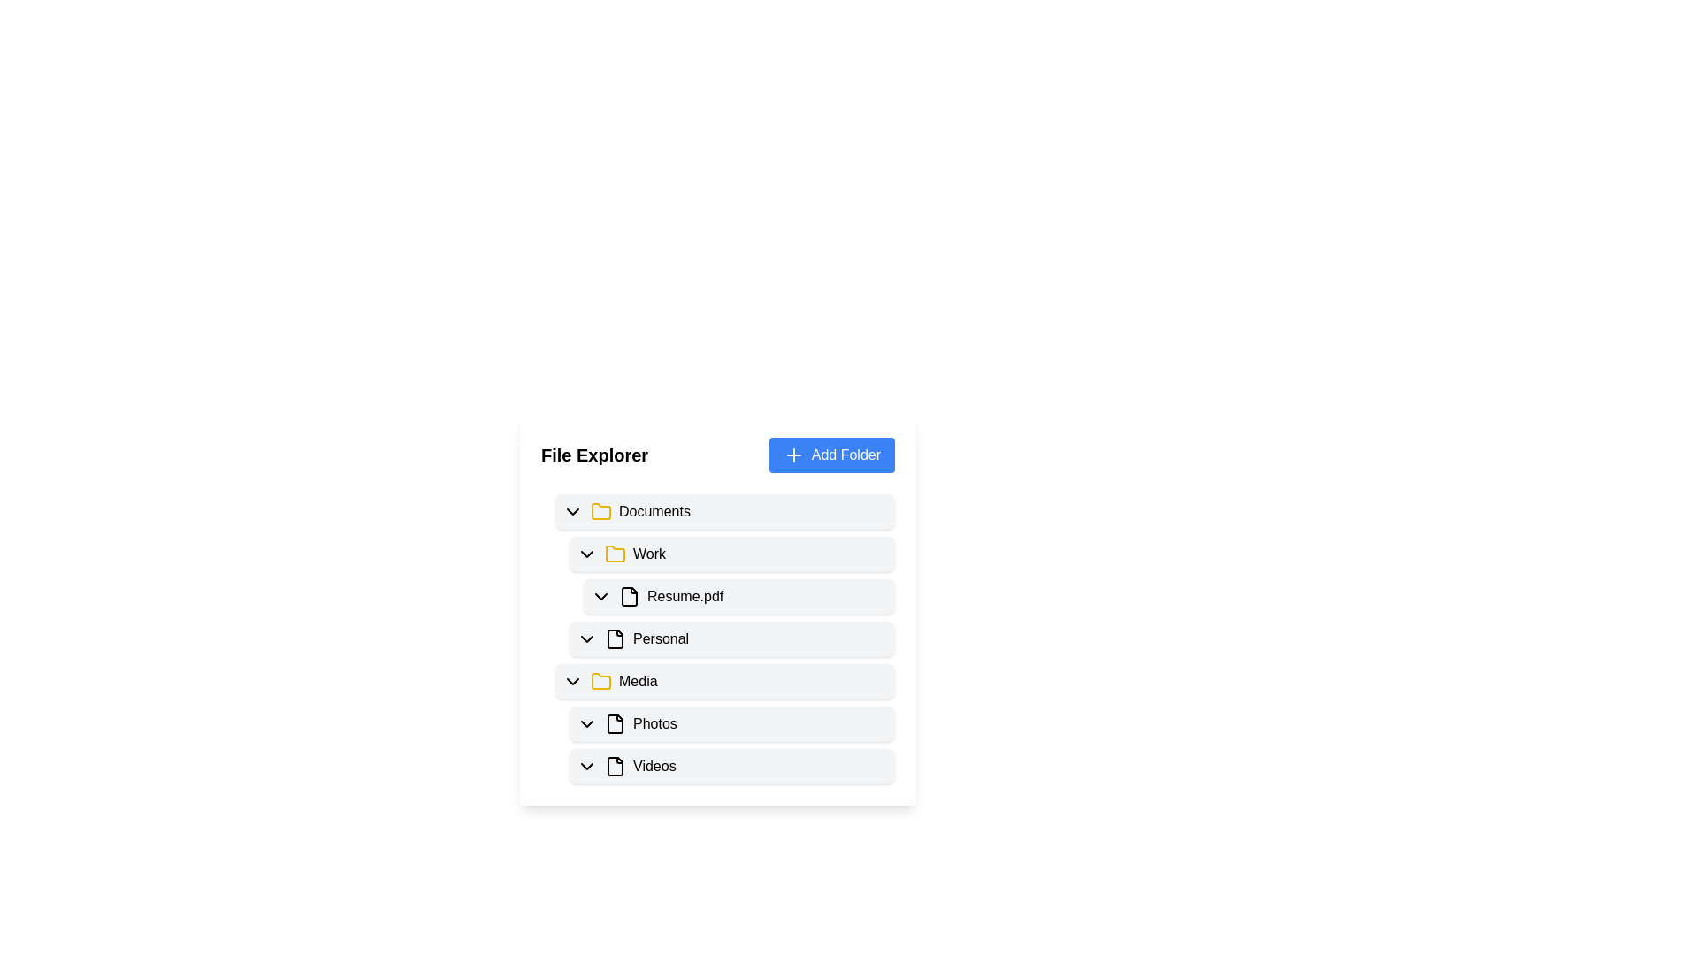 The width and height of the screenshot is (1698, 955). I want to click on the 'Work' folder, so click(732, 554).